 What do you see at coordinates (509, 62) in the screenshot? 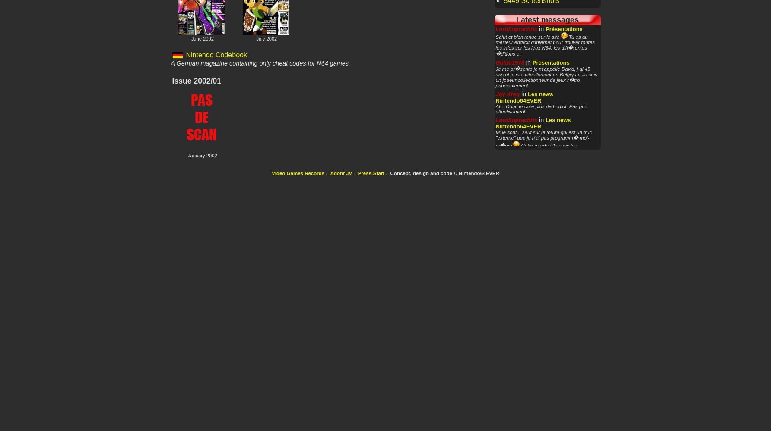
I see `'Goldo1978'` at bounding box center [509, 62].